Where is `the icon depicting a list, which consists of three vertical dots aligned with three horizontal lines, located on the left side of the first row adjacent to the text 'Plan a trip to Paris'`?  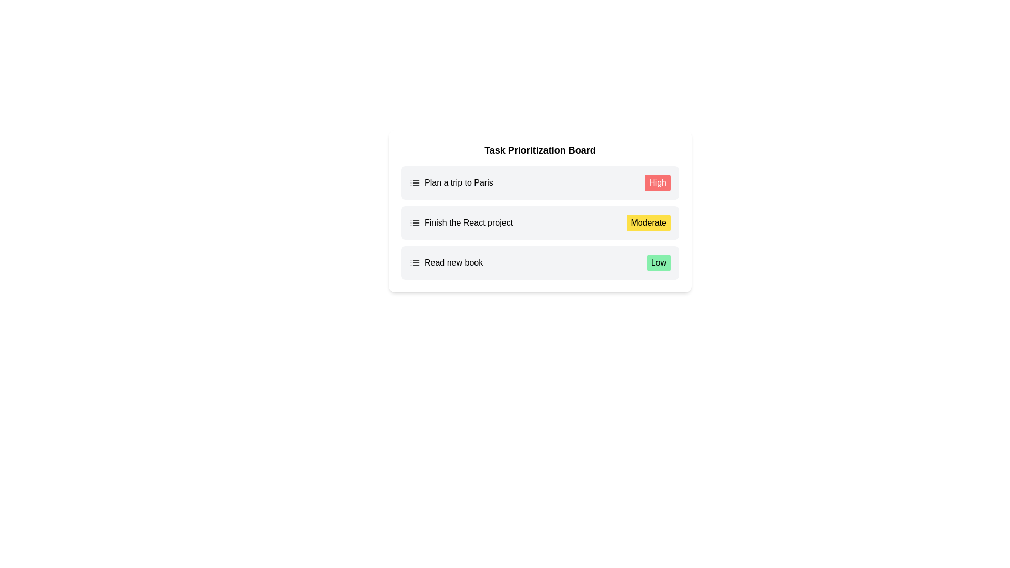 the icon depicting a list, which consists of three vertical dots aligned with three horizontal lines, located on the left side of the first row adjacent to the text 'Plan a trip to Paris' is located at coordinates (414, 182).